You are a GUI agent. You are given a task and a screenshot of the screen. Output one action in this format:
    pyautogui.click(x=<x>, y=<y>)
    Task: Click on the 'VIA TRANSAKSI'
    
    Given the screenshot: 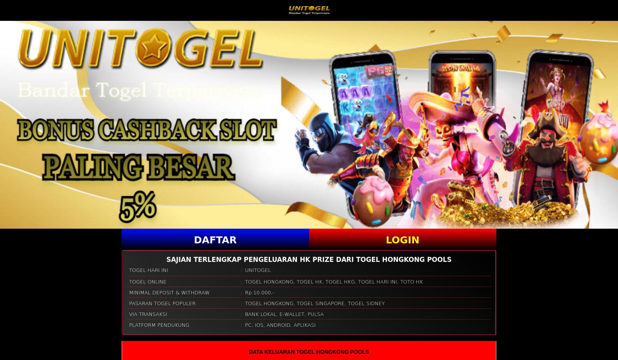 What is the action you would take?
    pyautogui.click(x=148, y=314)
    